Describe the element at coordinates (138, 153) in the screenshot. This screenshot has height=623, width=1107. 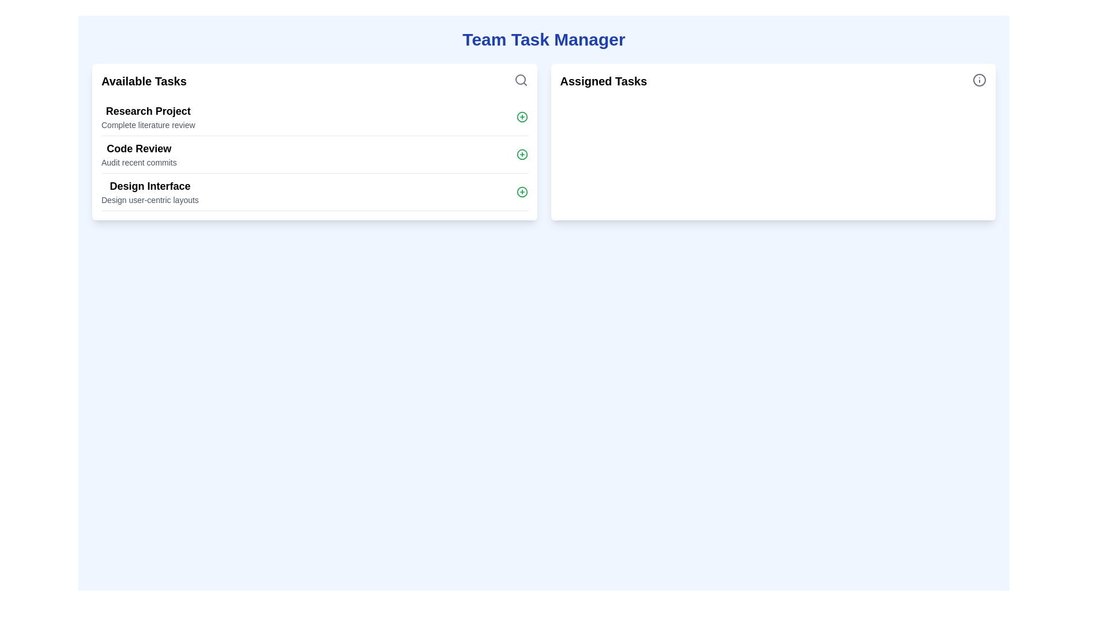
I see `the 'Code Review' text label in the 'Available Tasks' section` at that location.